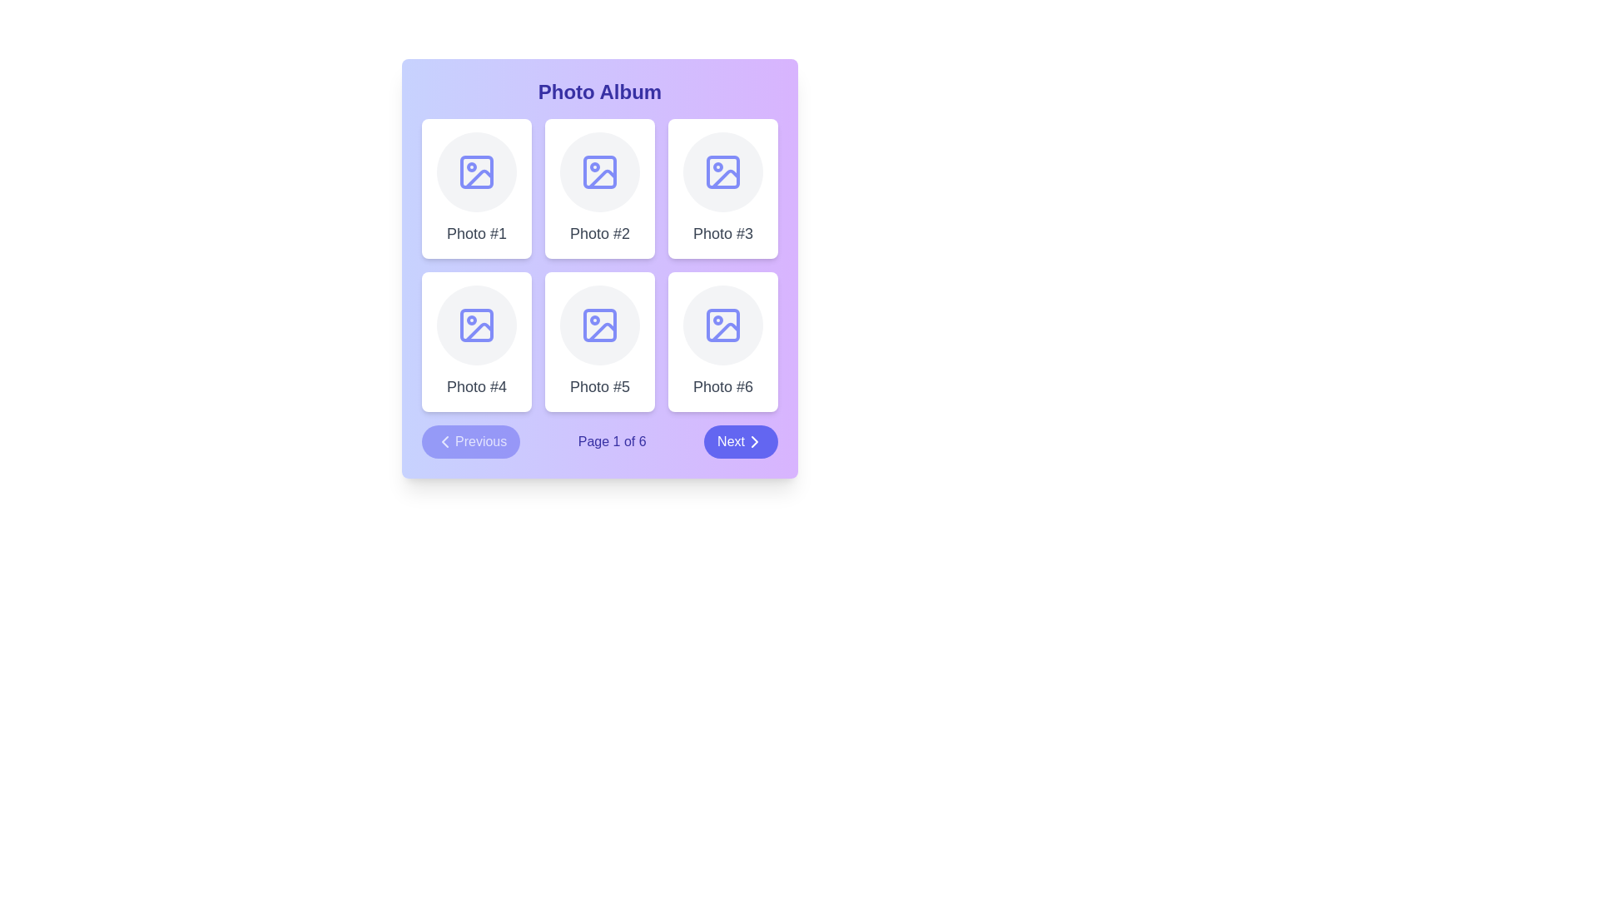 Image resolution: width=1598 pixels, height=899 pixels. What do you see at coordinates (599, 172) in the screenshot?
I see `the SVG rectangle with rounded corners in the second photo thumbnail labeled 'Photo #2' in the 'Photo Album' grid layout` at bounding box center [599, 172].